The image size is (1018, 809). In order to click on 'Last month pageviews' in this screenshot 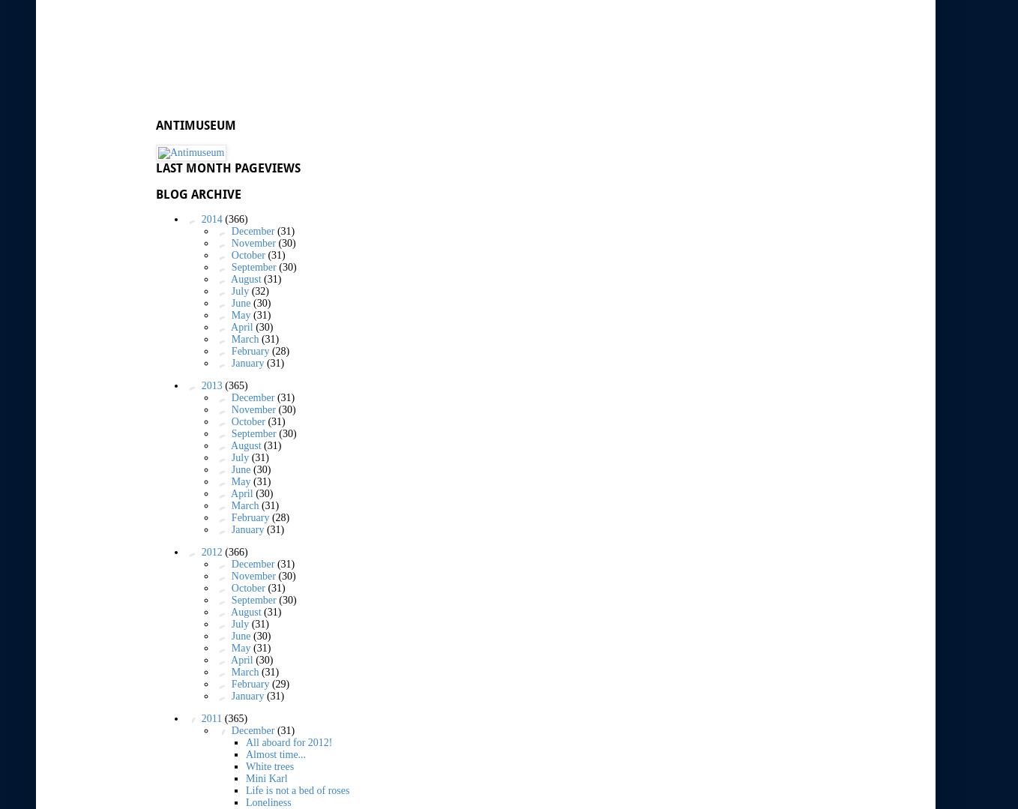, I will do `click(227, 166)`.